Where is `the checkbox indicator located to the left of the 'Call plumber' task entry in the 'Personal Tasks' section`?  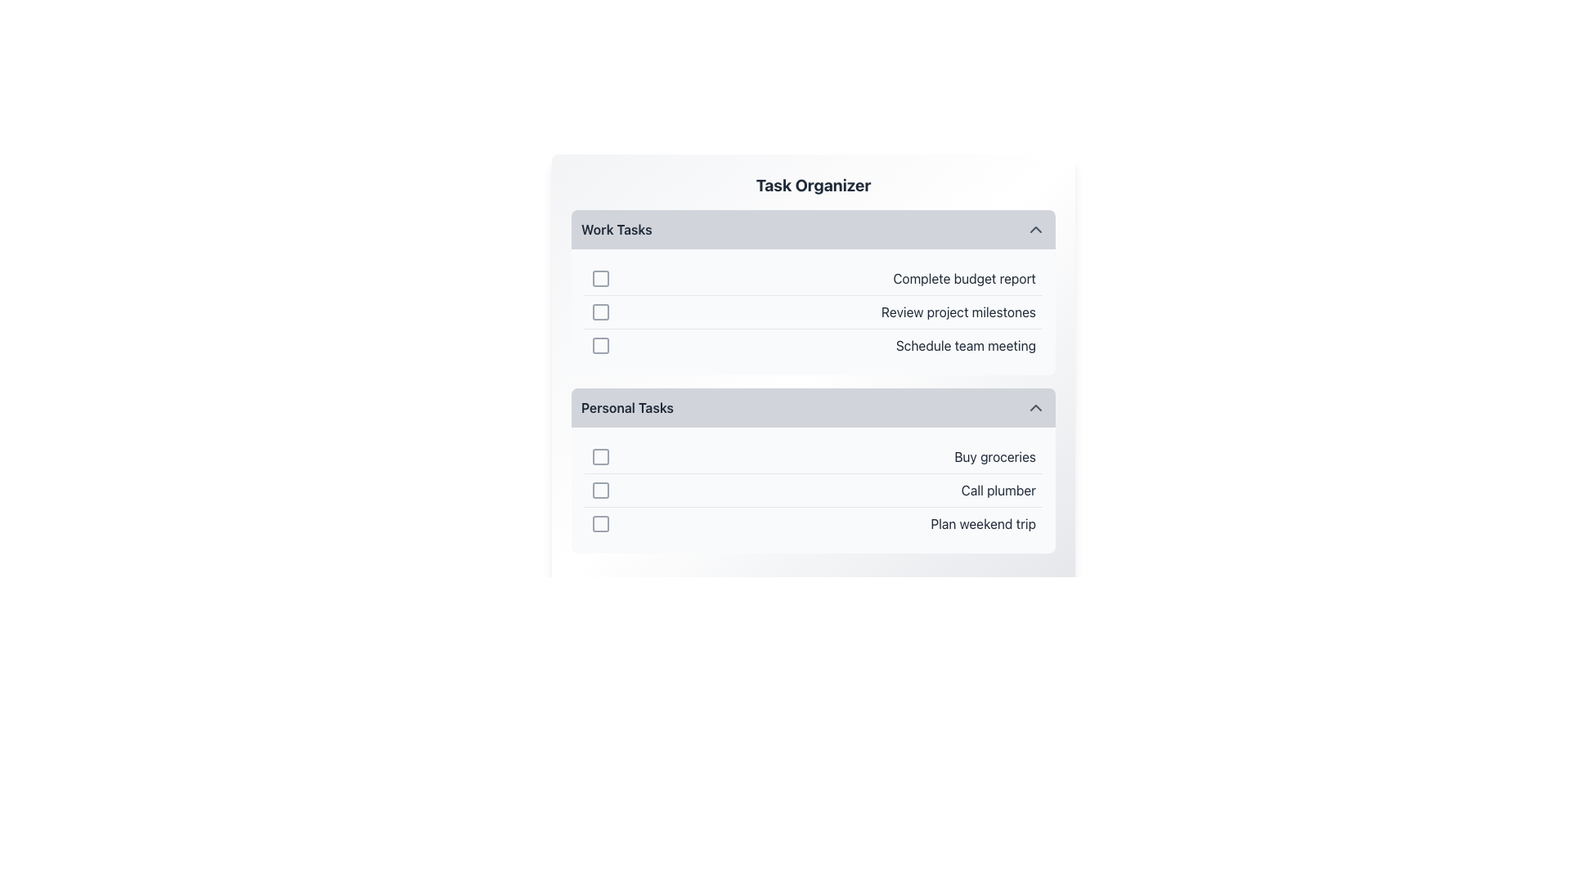 the checkbox indicator located to the left of the 'Call plumber' task entry in the 'Personal Tasks' section is located at coordinates (599, 490).